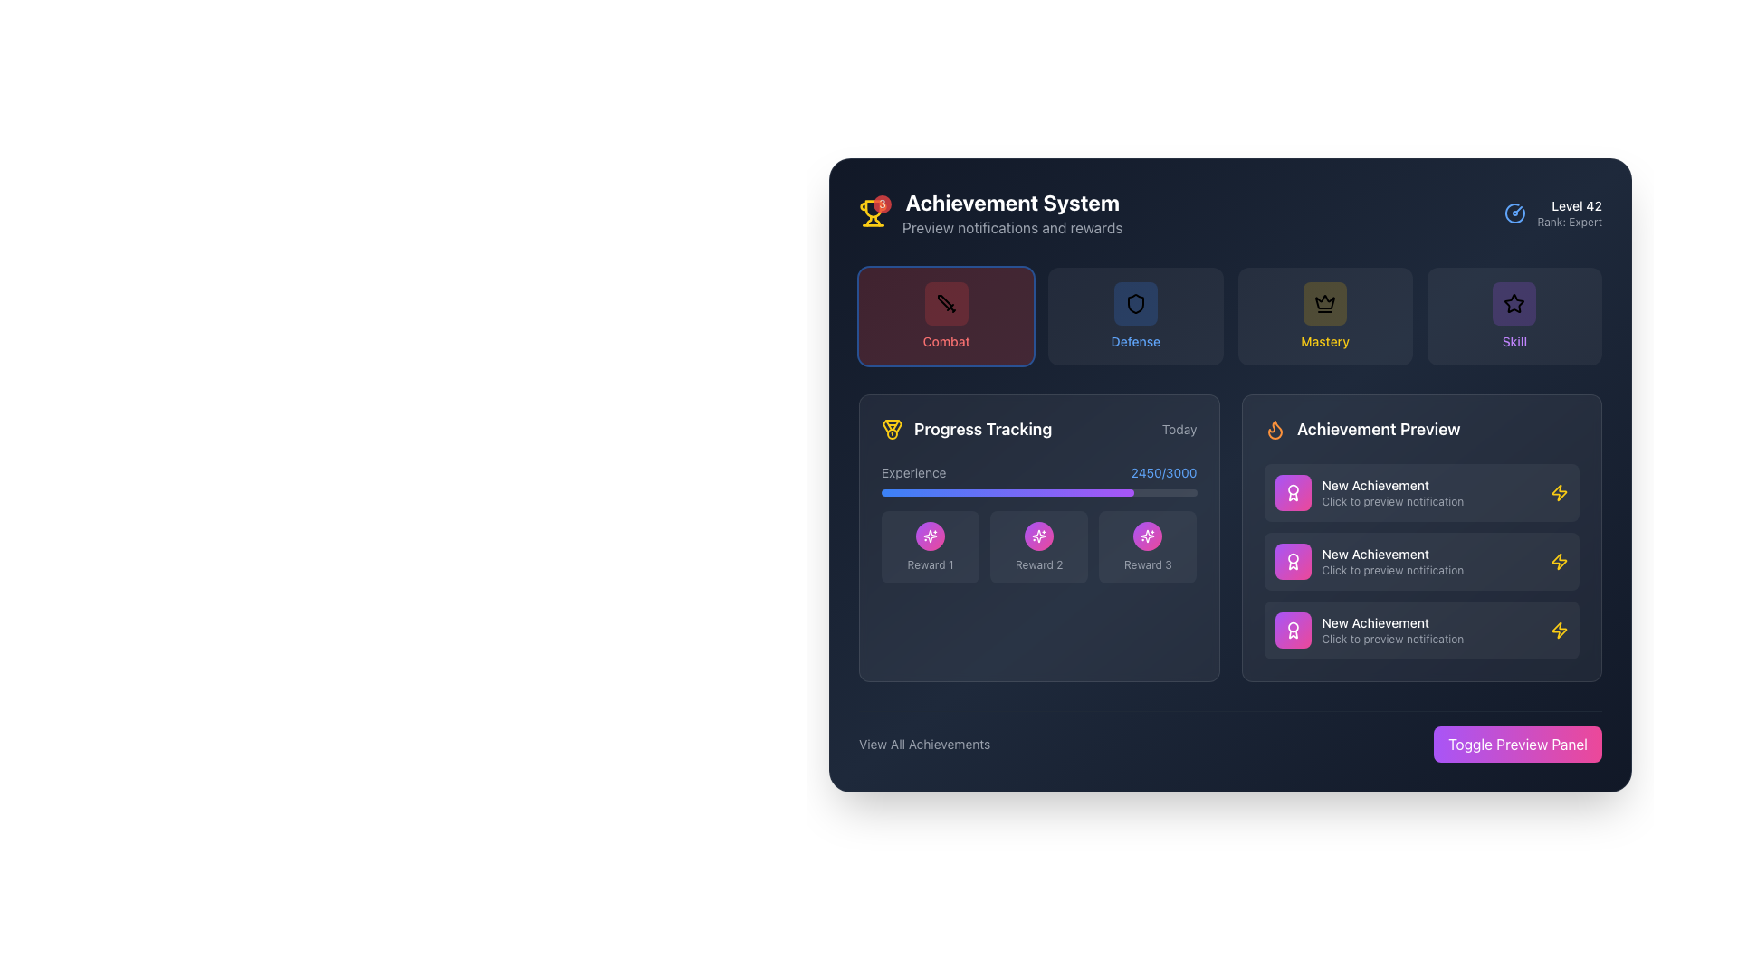 The height and width of the screenshot is (977, 1738). I want to click on the dark red button with a sword icon, so click(945, 302).